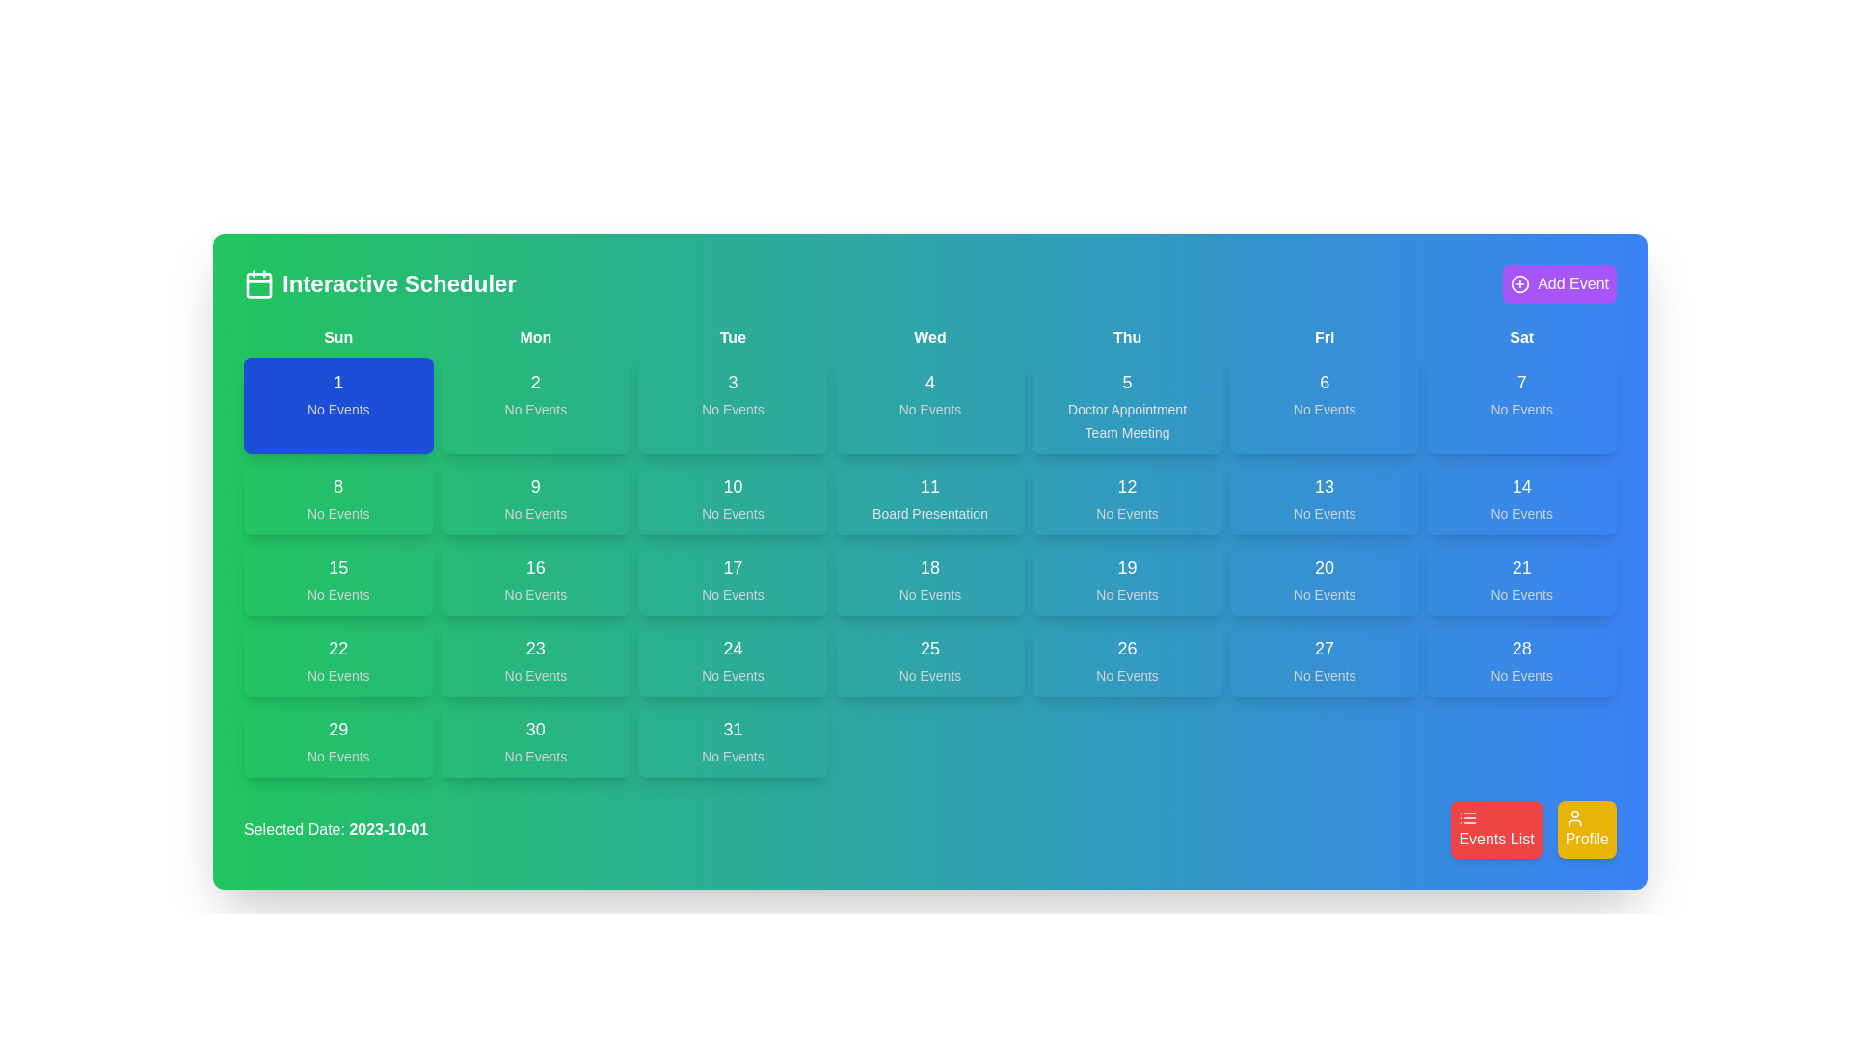 This screenshot has height=1041, width=1851. I want to click on text label indicating event status in the green cell labeled '9' in the second row and second column of the calendar grid, which displays 'No Events', so click(535, 512).